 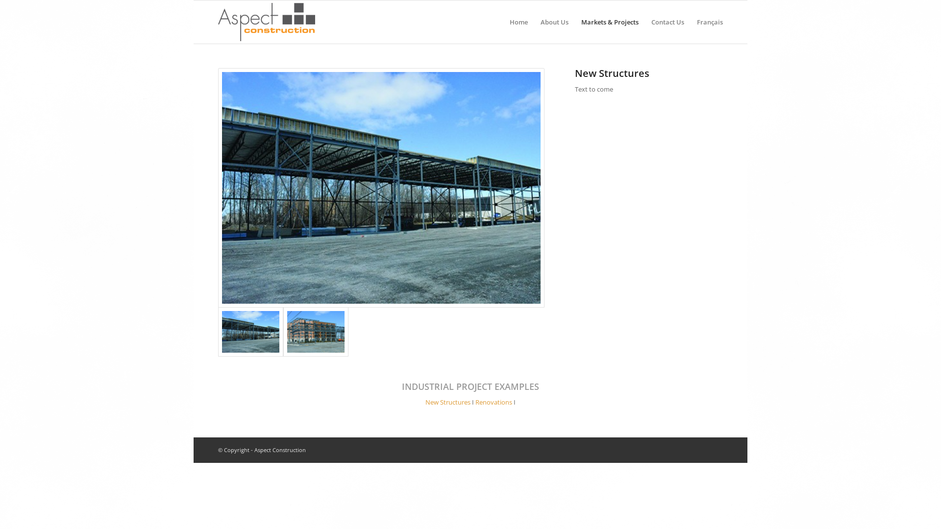 What do you see at coordinates (316, 331) in the screenshot?
I see `'Photo de structure2'` at bounding box center [316, 331].